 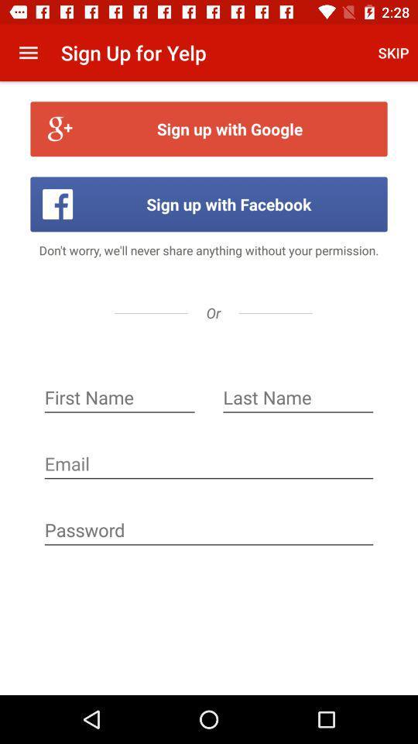 I want to click on item to the left of the sign up for app, so click(x=28, y=53).